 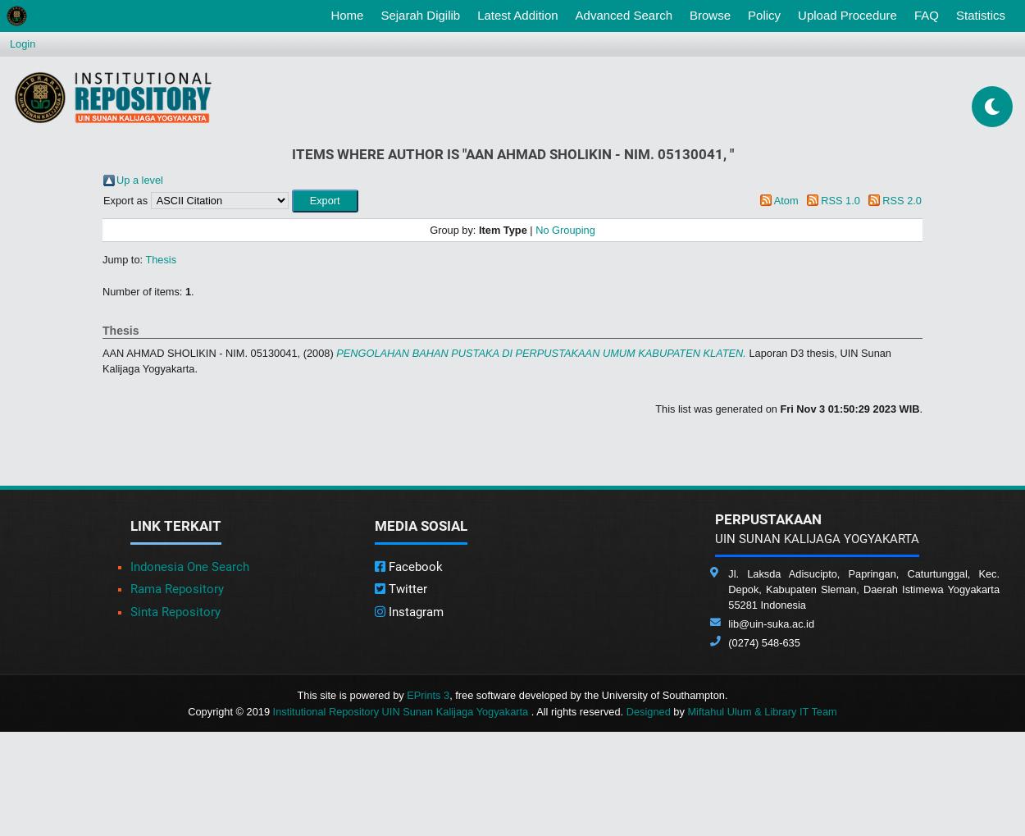 I want to click on 'UIN Sunan Kalijaga Yogyakarta', so click(x=714, y=537).